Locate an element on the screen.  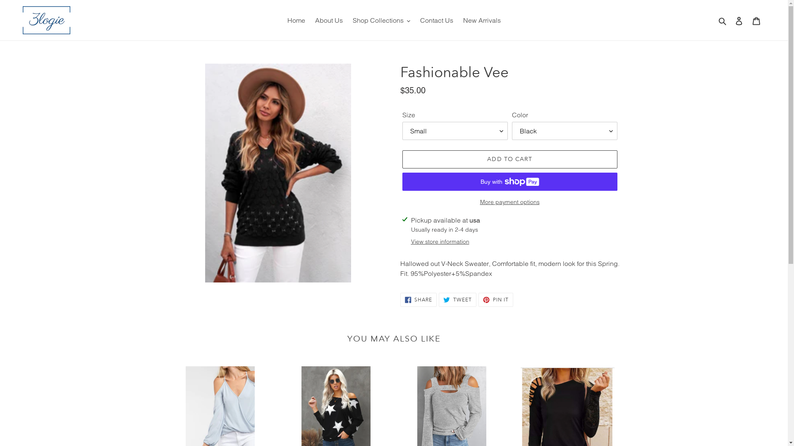
'Search' is located at coordinates (722, 20).